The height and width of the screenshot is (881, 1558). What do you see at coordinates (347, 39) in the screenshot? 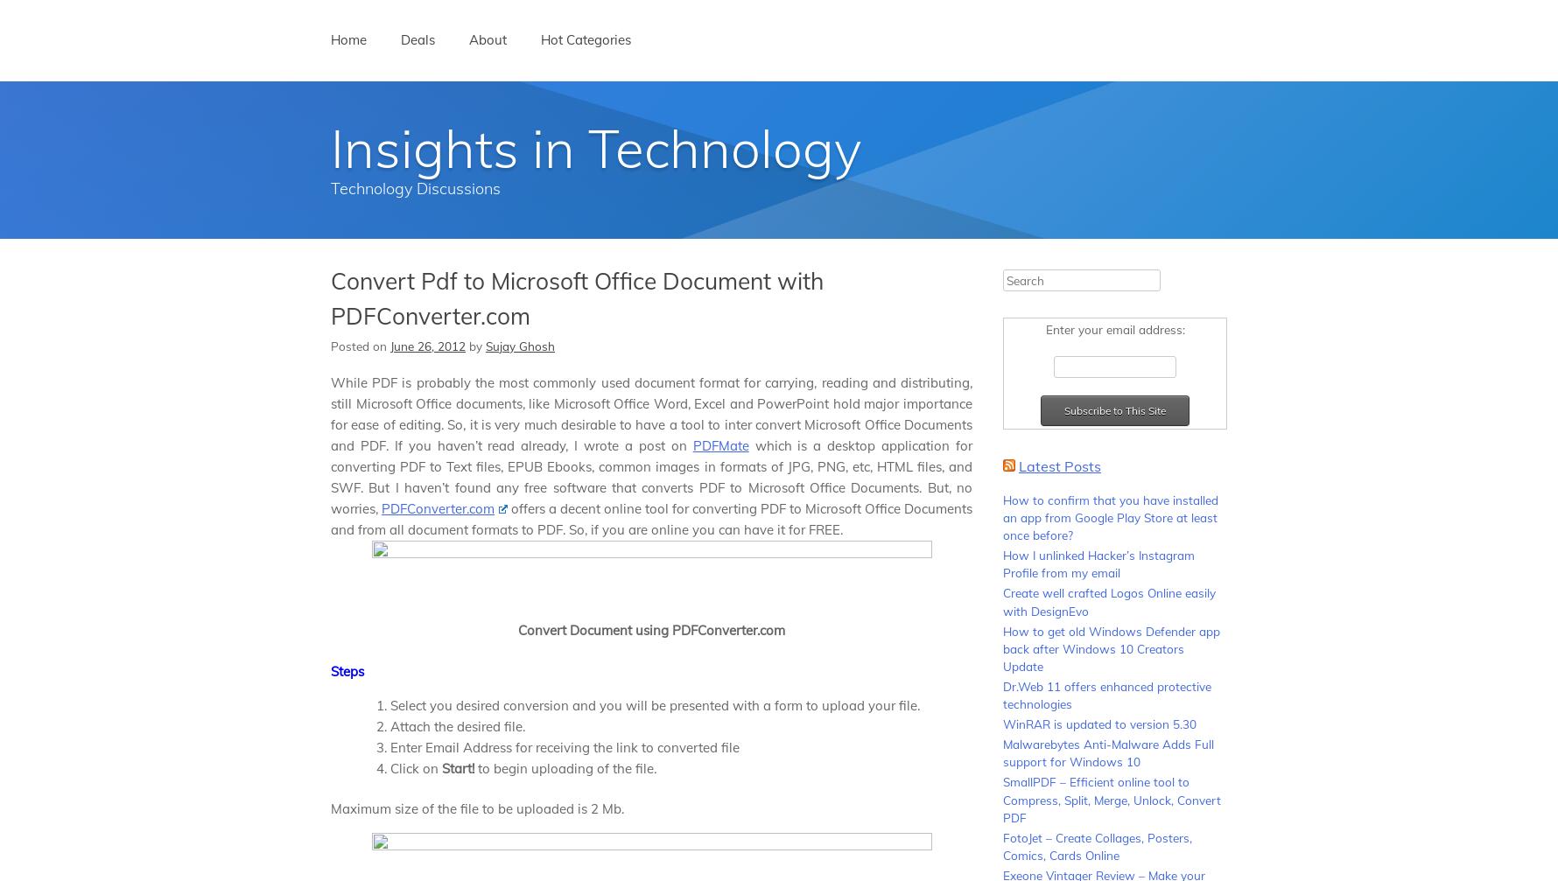
I see `'Home'` at bounding box center [347, 39].